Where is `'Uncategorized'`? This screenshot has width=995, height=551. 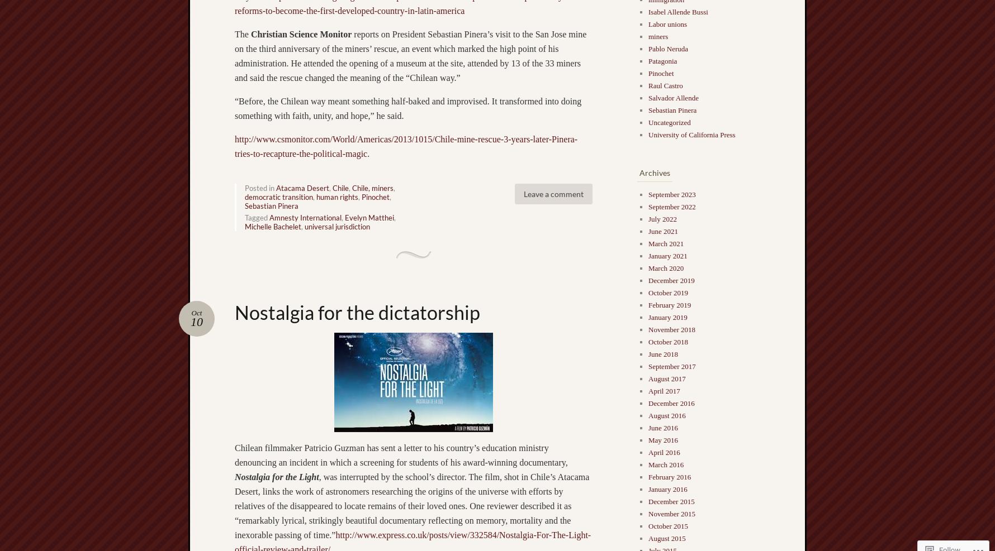 'Uncategorized' is located at coordinates (669, 122).